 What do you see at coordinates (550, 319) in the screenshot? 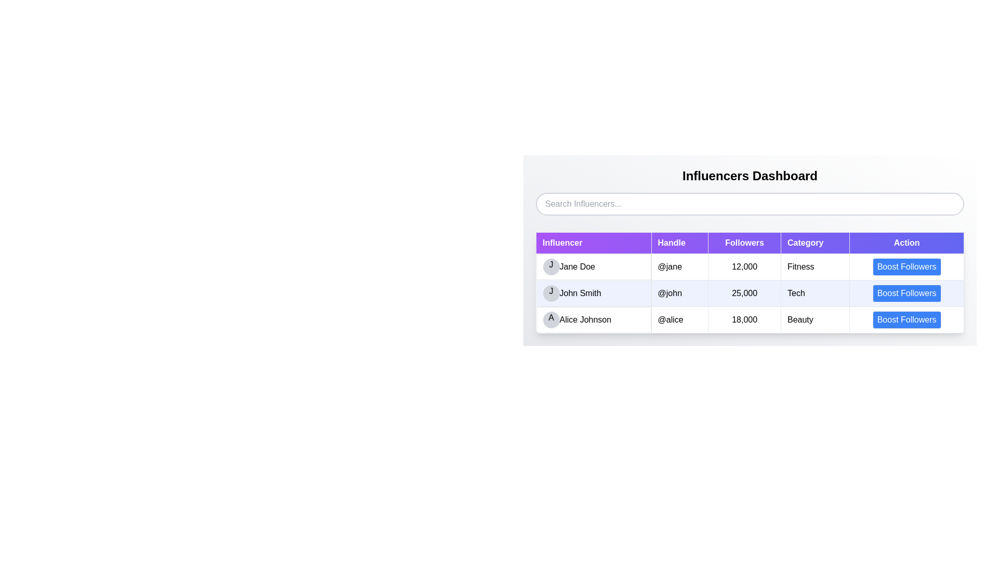
I see `the circular badge with a light gray background displaying the letter 'A' in bold black font, positioned next to 'Alice Johnson' in the 'Influencer' column, located in the third row from the top` at bounding box center [550, 319].